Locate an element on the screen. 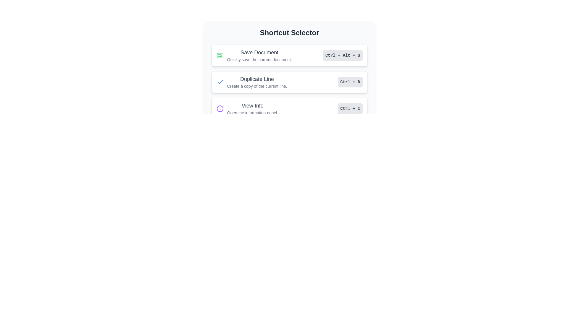  the first list item in the 'Shortcut Selector' interface, which features a green keyboard icon and the text 'Save Document' with a subtext 'Quickly save the current document.' is located at coordinates (254, 56).